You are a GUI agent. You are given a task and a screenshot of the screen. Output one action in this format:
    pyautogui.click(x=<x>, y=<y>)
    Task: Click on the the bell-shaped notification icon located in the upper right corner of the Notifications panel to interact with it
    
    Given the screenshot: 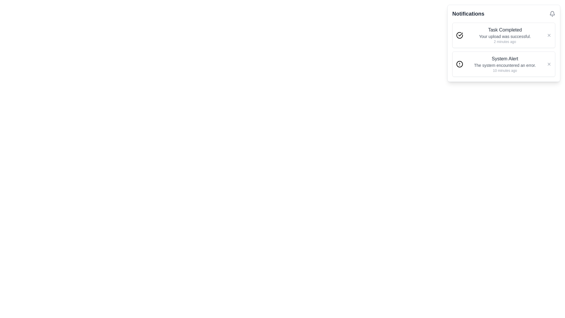 What is the action you would take?
    pyautogui.click(x=552, y=13)
    